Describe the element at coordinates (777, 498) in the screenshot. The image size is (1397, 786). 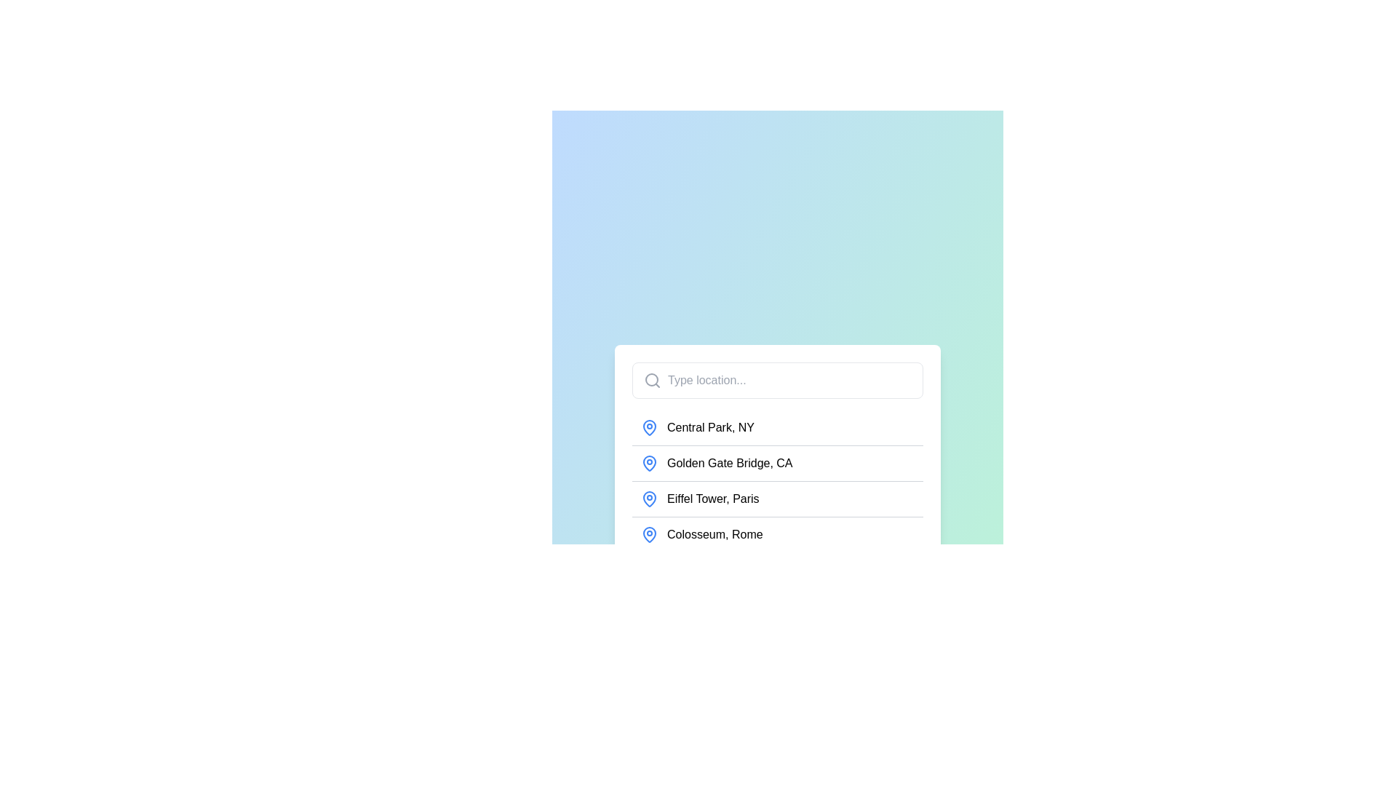
I see `the third item` at that location.